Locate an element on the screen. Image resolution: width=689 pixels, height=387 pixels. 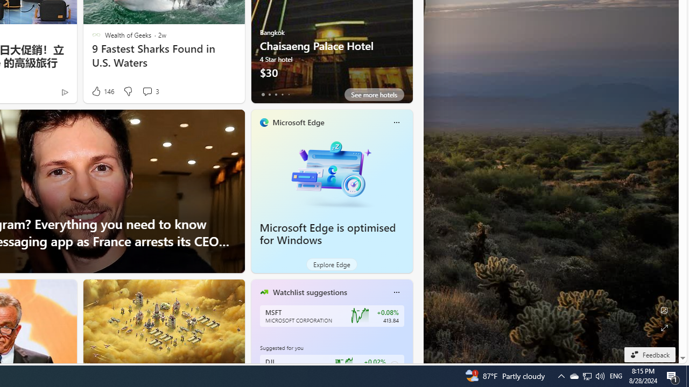
'View comments 3 Comment' is located at coordinates (146, 90).